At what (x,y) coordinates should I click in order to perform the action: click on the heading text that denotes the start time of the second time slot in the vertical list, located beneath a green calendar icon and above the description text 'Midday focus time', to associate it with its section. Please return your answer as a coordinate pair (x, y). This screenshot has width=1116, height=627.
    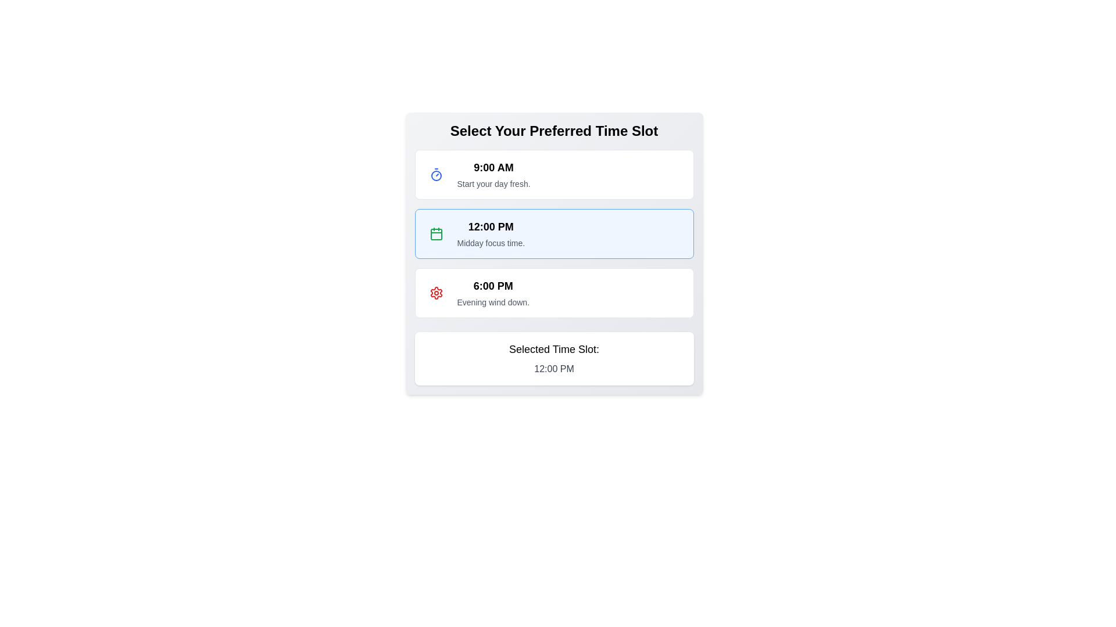
    Looking at the image, I should click on (491, 226).